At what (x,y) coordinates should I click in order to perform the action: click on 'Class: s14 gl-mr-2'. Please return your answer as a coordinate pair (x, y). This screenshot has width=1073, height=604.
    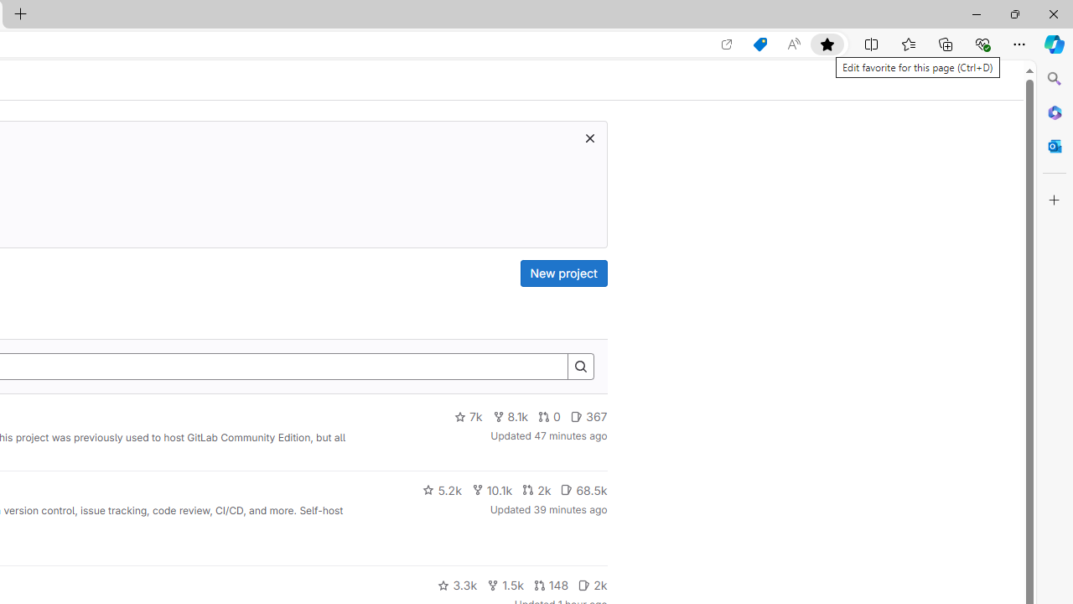
    Looking at the image, I should click on (584, 584).